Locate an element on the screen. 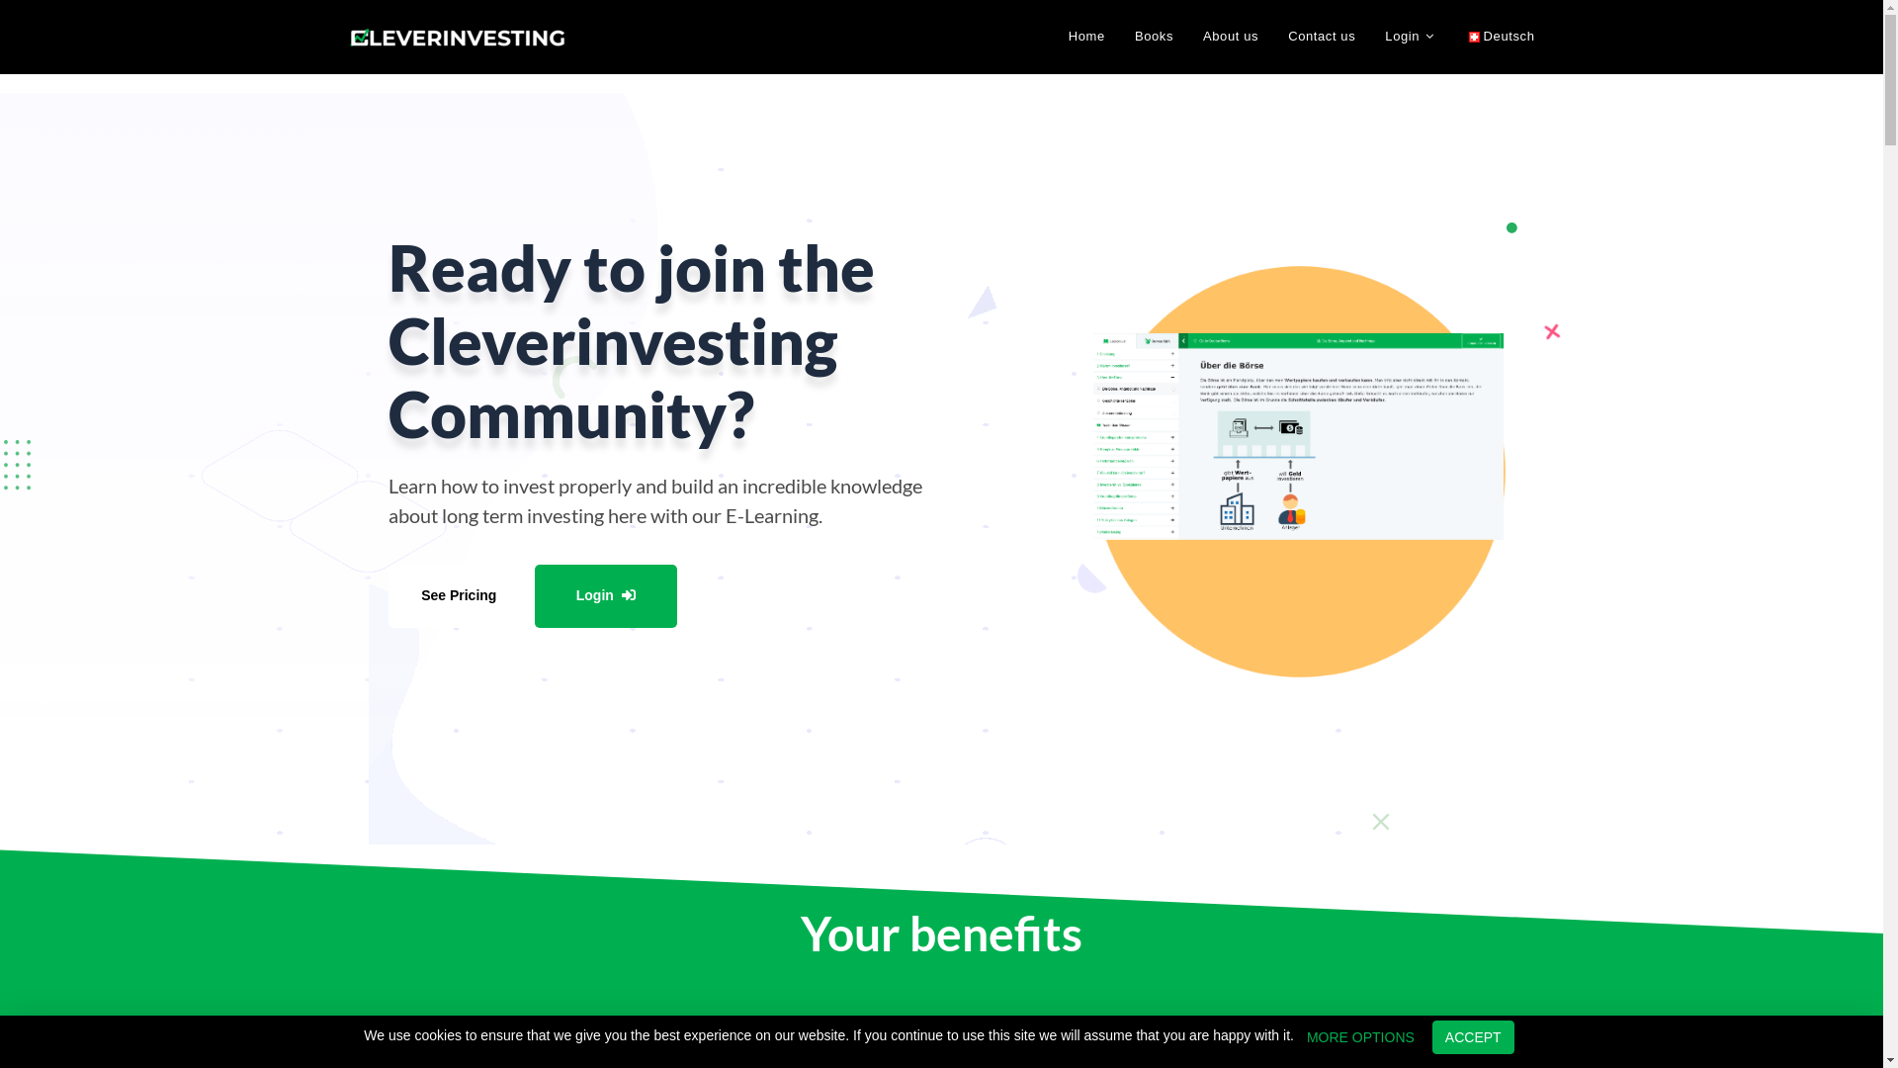  'MORE OPTIONS' is located at coordinates (1359, 1036).